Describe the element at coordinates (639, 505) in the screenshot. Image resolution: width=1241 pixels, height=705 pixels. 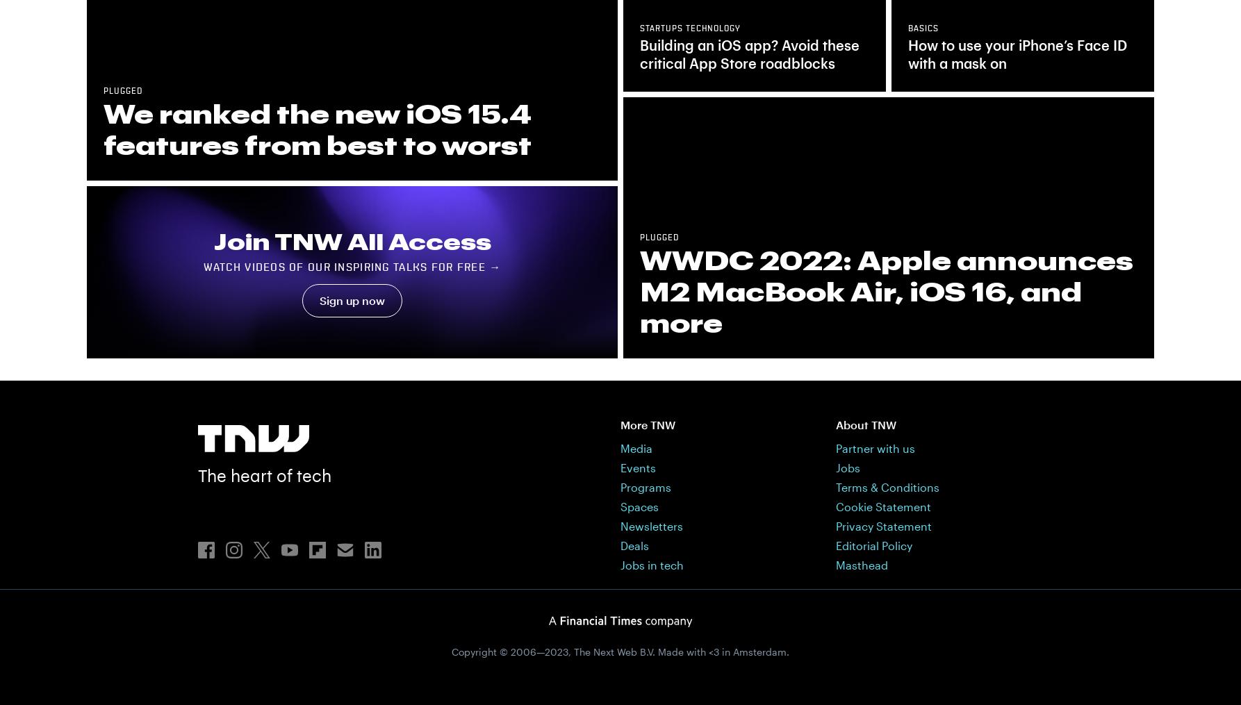
I see `'Spaces'` at that location.